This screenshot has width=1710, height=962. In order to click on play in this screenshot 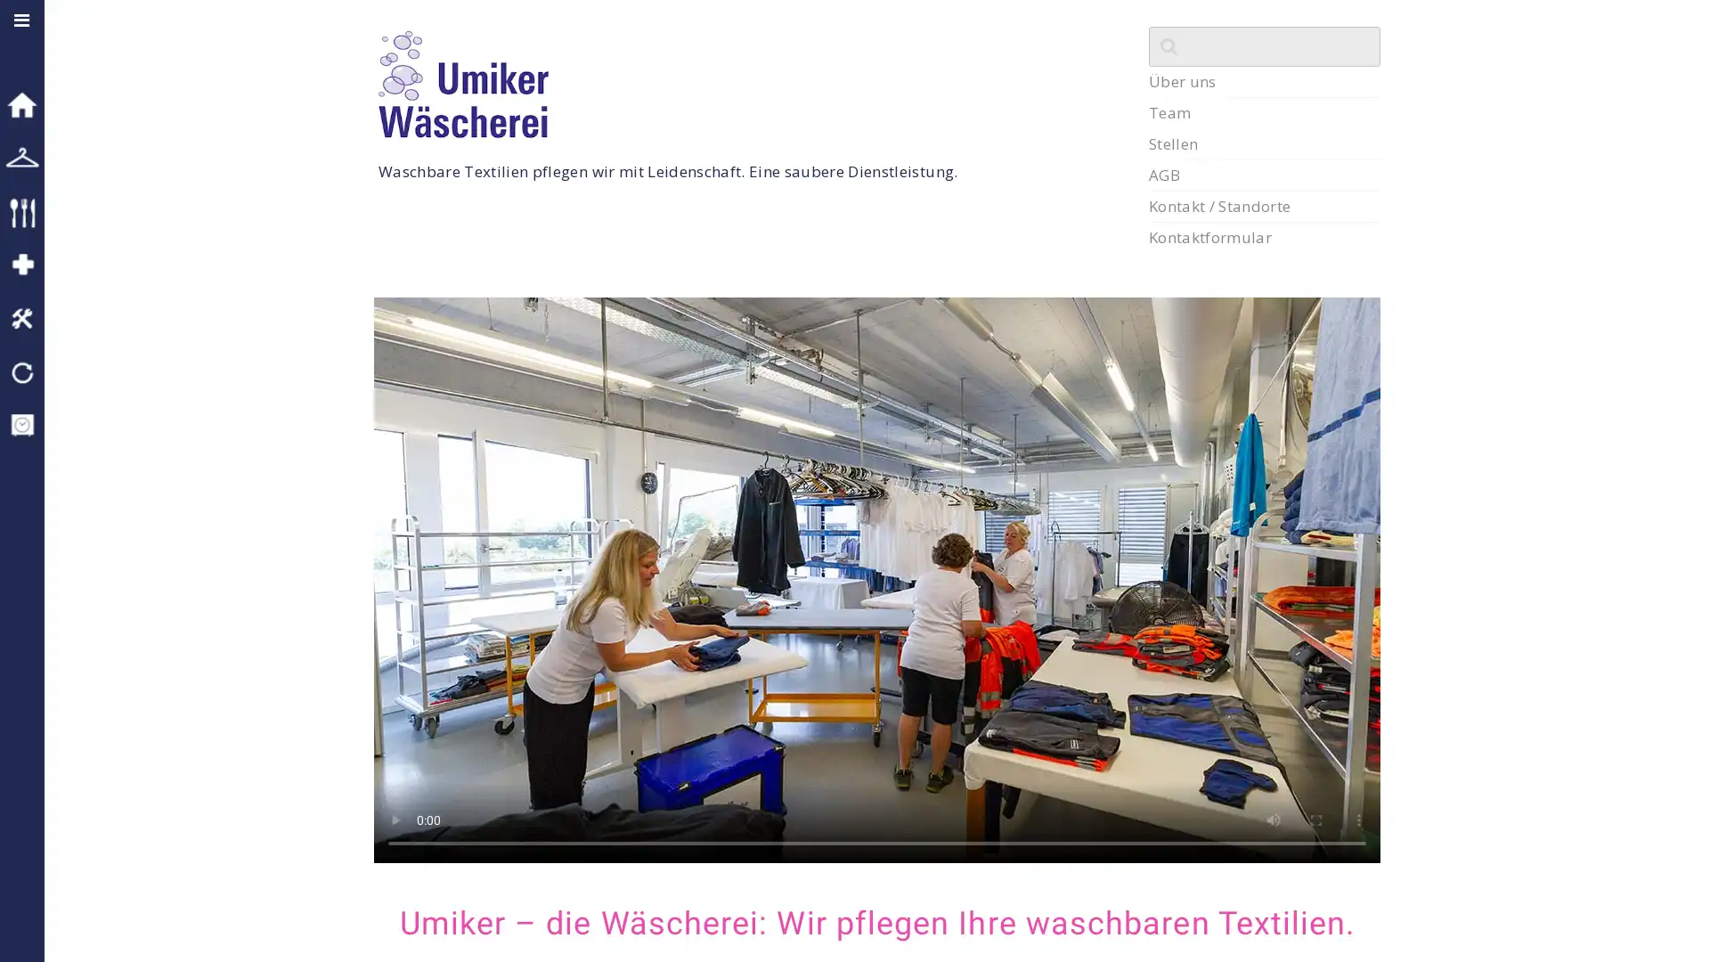, I will do `click(395, 820)`.